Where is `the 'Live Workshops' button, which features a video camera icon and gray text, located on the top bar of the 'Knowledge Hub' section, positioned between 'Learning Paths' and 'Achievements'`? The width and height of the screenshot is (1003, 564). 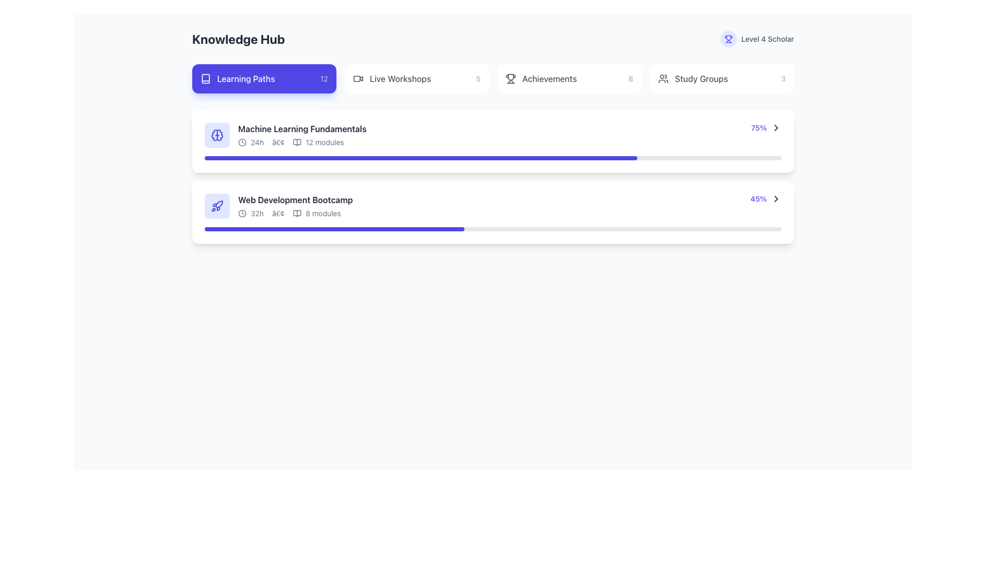 the 'Live Workshops' button, which features a video camera icon and gray text, located on the top bar of the 'Knowledge Hub' section, positioned between 'Learning Paths' and 'Achievements' is located at coordinates (391, 78).